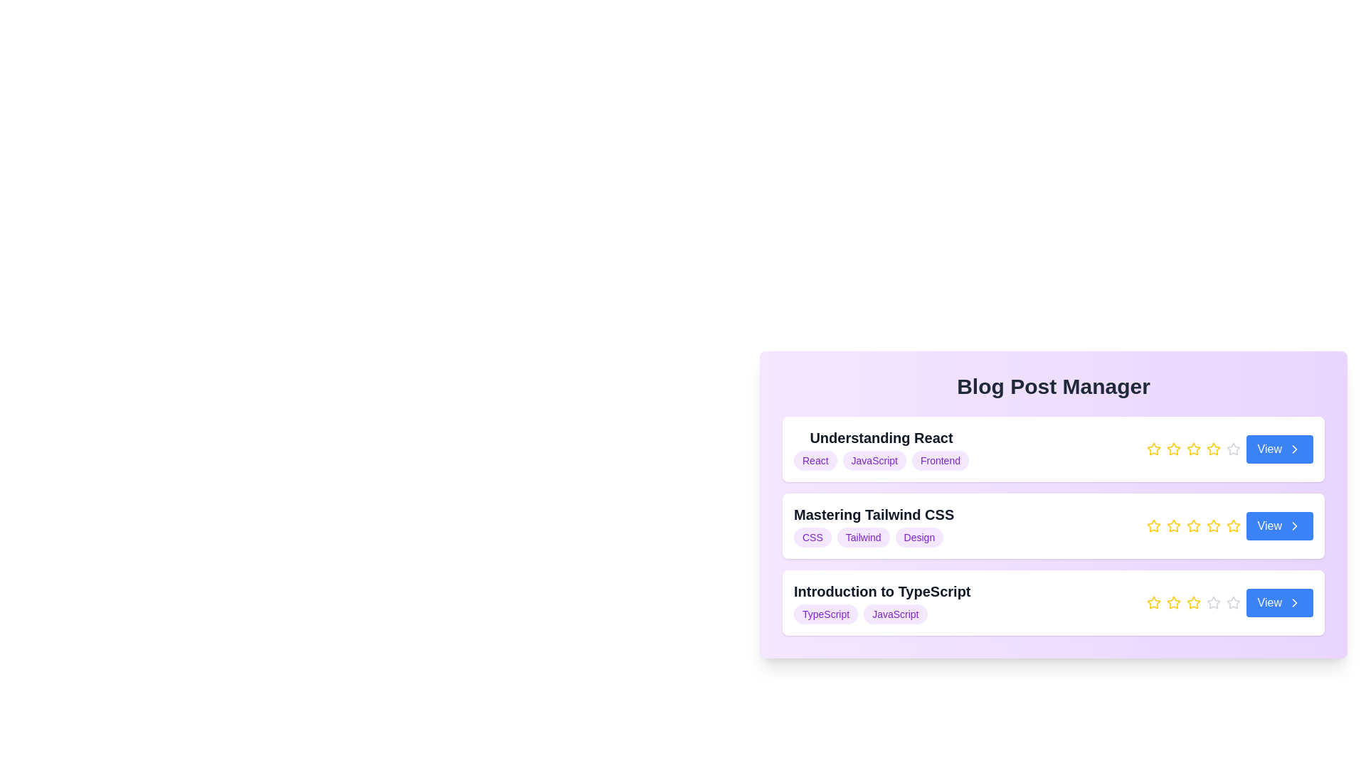 This screenshot has height=768, width=1366. I want to click on the second star in the 5-star rating system under the title 'Blog Post Manager' for the 'Introduction to TypeScript' post, so click(1173, 602).